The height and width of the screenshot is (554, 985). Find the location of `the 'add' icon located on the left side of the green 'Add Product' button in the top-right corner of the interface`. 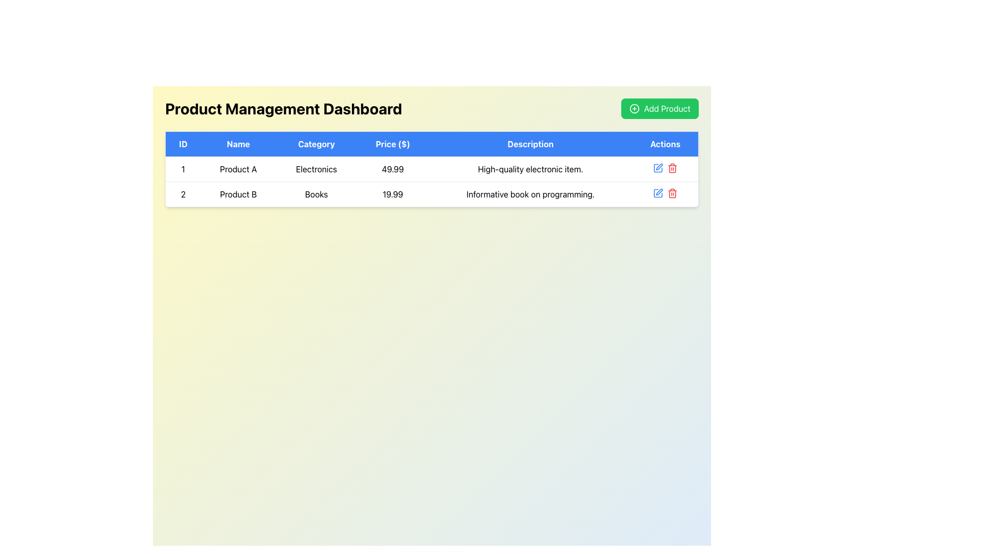

the 'add' icon located on the left side of the green 'Add Product' button in the top-right corner of the interface is located at coordinates (634, 109).